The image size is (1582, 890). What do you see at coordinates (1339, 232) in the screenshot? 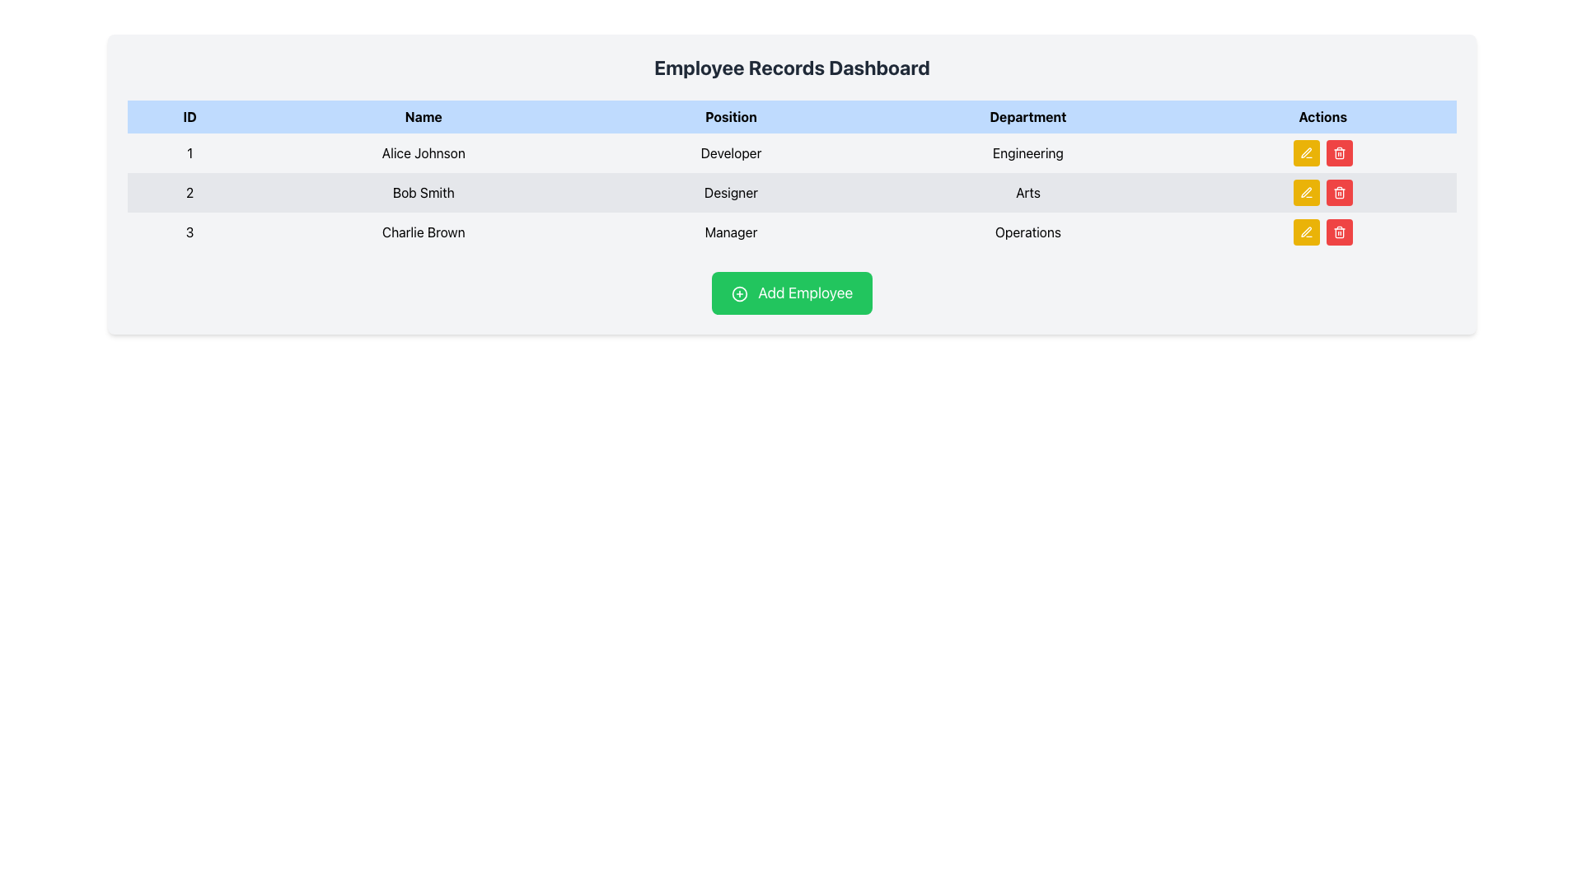
I see `the 'Delete' button with a trash bin icon located in the 'Actions' column of the third row` at bounding box center [1339, 232].